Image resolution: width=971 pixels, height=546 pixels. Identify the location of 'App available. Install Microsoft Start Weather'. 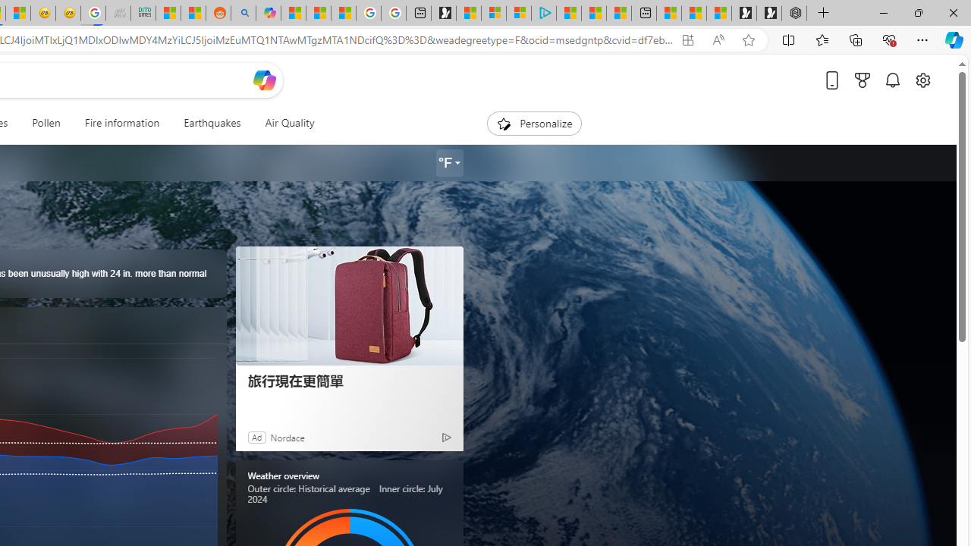
(687, 39).